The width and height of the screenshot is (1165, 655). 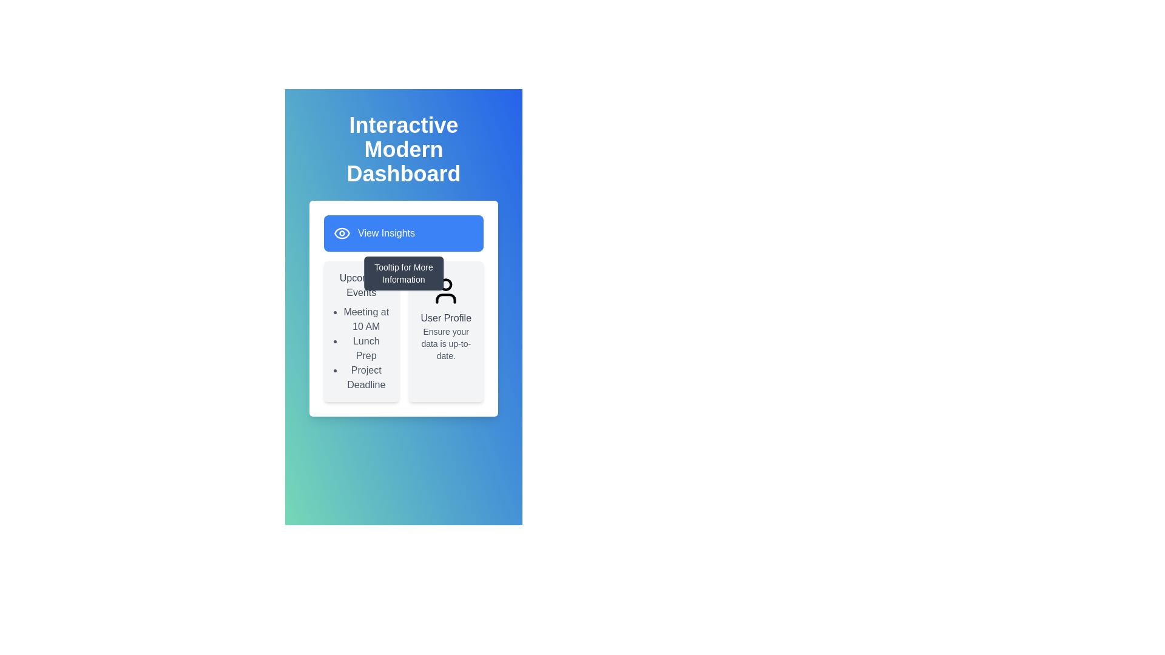 I want to click on the circular element representing the head in the avatar icon of the user profile, which is part of a card labeled 'User Profile' in the second column of the layout, so click(x=445, y=284).